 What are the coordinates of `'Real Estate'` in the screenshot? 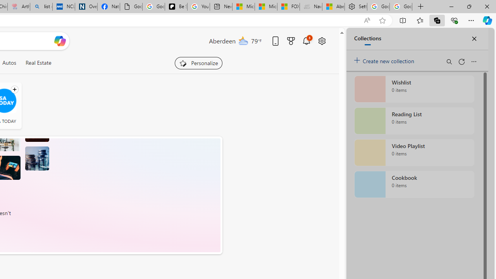 It's located at (38, 62).